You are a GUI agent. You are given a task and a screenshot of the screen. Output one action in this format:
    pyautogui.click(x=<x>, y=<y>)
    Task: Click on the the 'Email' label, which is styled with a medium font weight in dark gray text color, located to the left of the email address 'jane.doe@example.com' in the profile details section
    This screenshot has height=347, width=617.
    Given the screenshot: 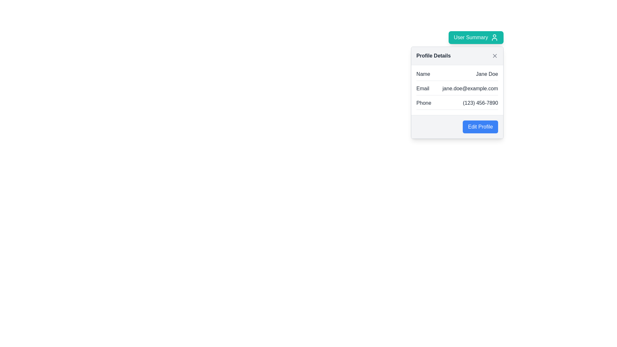 What is the action you would take?
    pyautogui.click(x=423, y=89)
    